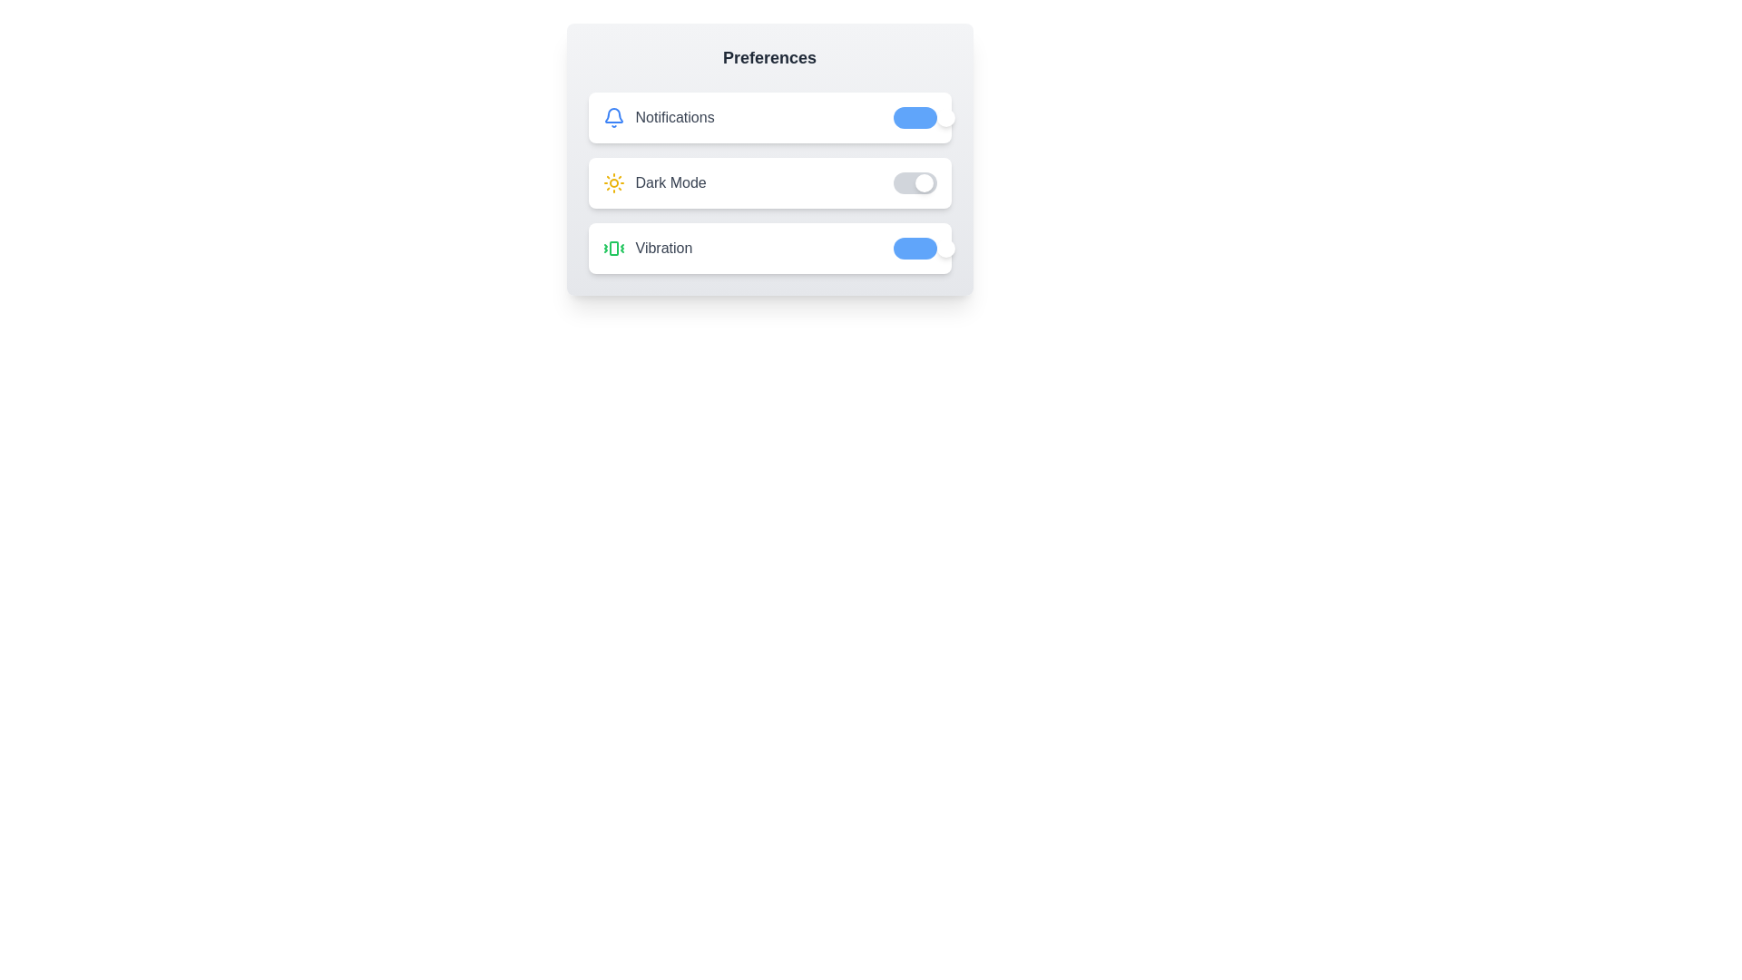 The width and height of the screenshot is (1742, 980). What do you see at coordinates (674, 118) in the screenshot?
I see `the static text label displaying 'Notifications', which is part of the 'Preferences' section and is located next to a blue bell icon on the left` at bounding box center [674, 118].